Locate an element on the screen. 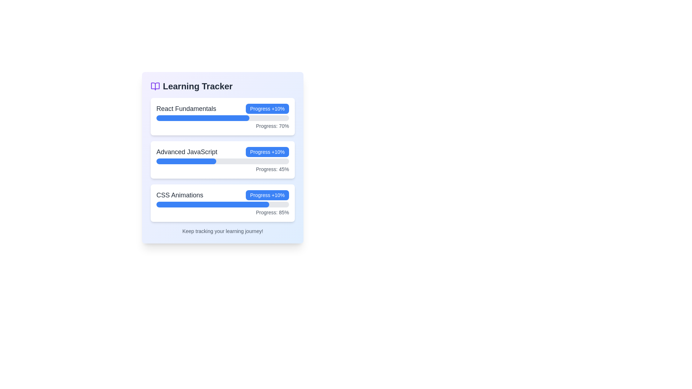 The width and height of the screenshot is (692, 389). the visual representation of the blue, rounded progress bar segment indicating 70% completion of the 'React Fundamentals' section, located beneath its corresponding label is located at coordinates (202, 117).